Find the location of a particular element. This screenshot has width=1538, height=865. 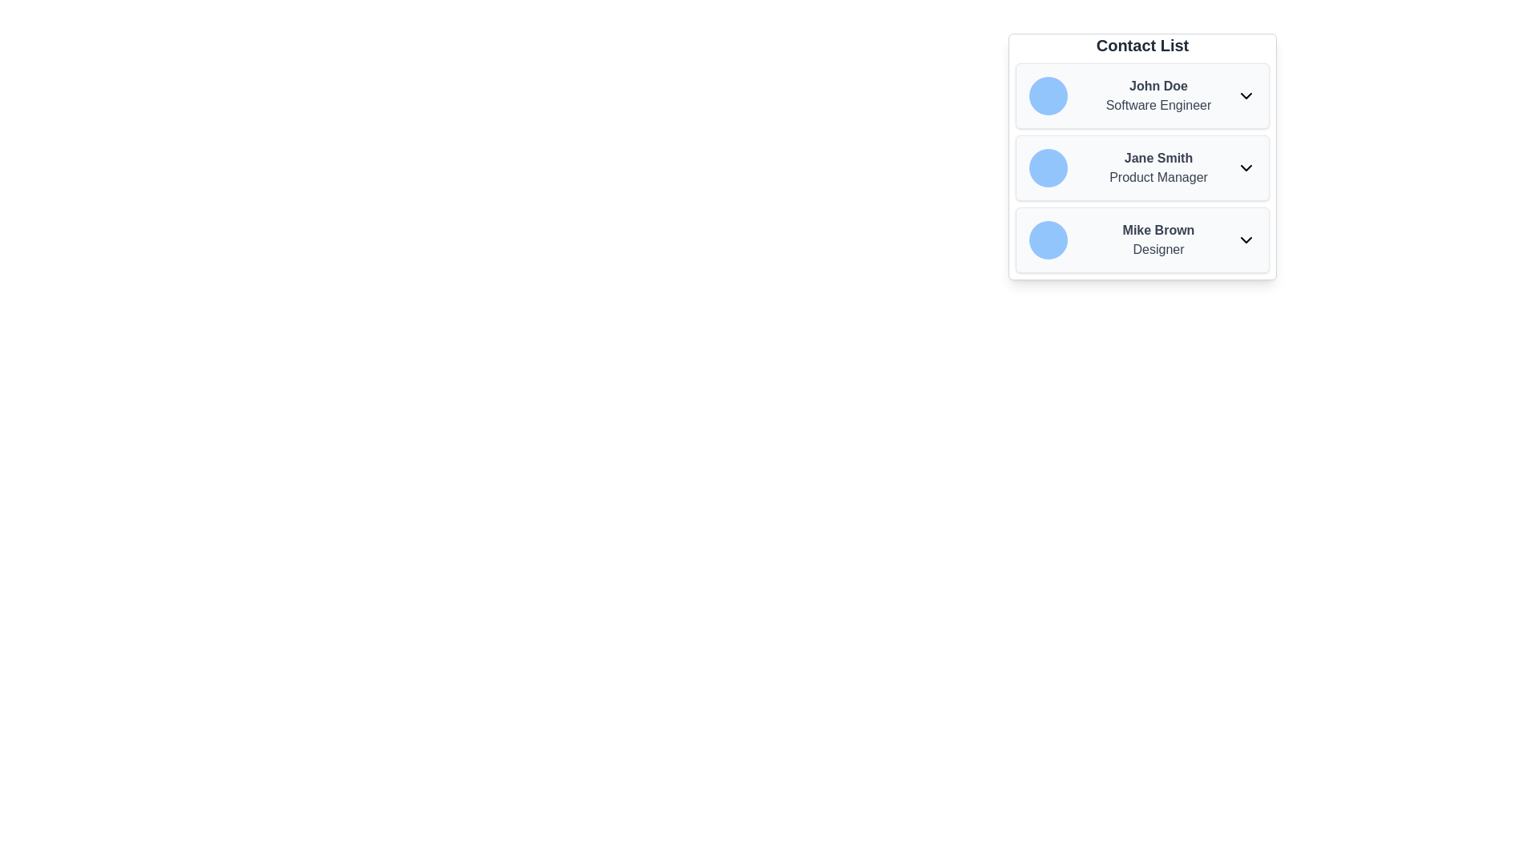

the chevron icon next to the contact 'John Doe' is located at coordinates (1245, 95).